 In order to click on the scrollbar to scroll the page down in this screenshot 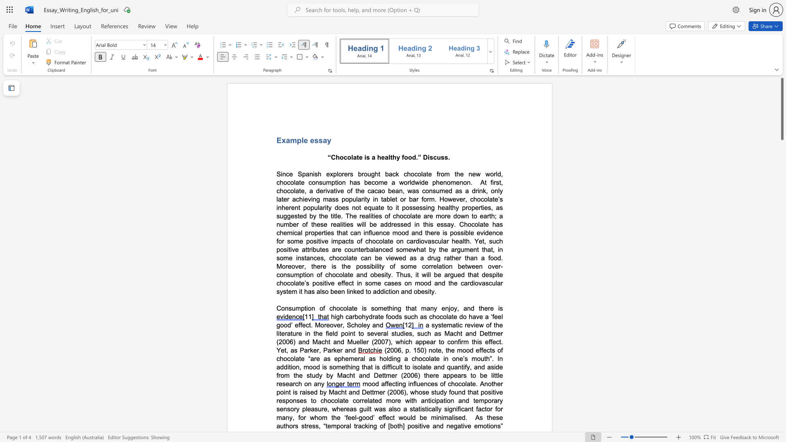, I will do `click(781, 417)`.